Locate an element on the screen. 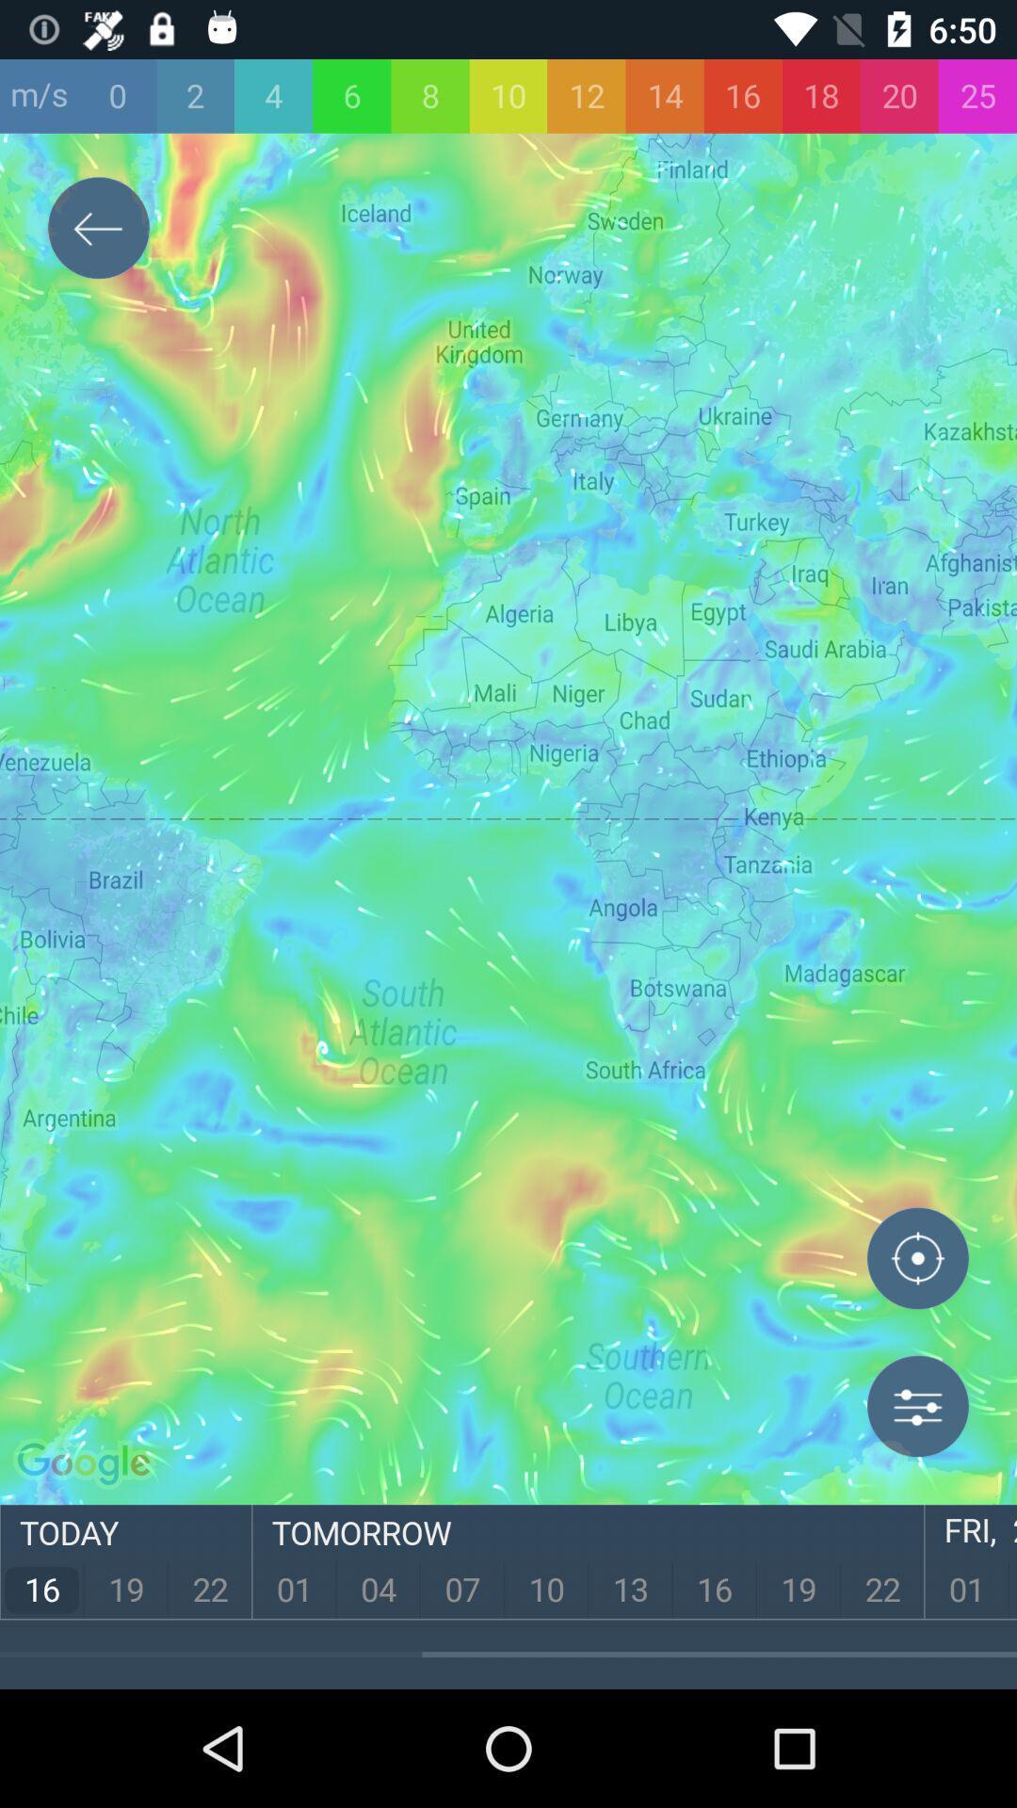  previous is located at coordinates (98, 231).